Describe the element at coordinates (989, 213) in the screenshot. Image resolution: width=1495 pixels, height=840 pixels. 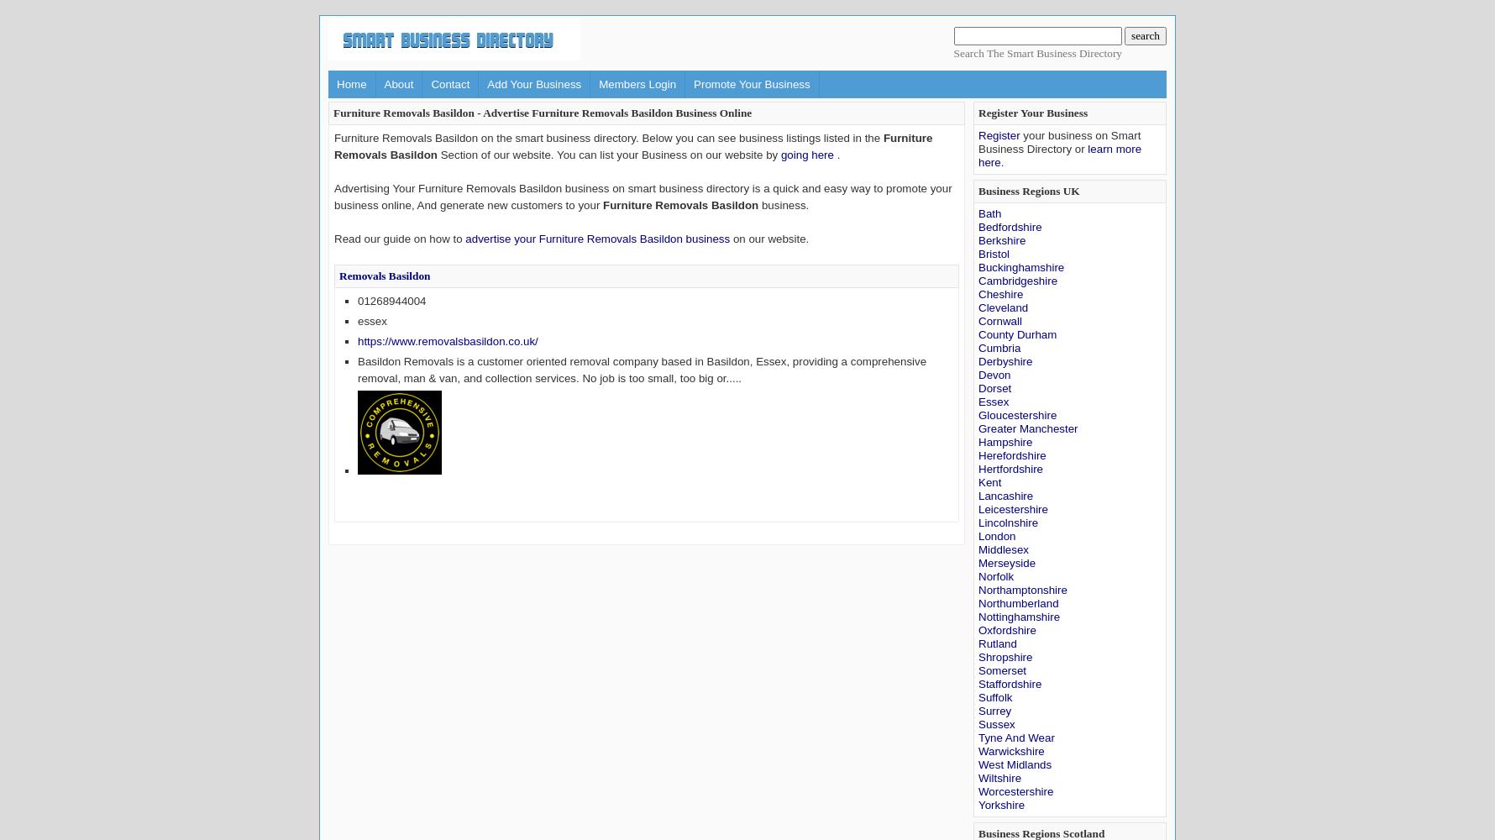
I see `'Bath'` at that location.